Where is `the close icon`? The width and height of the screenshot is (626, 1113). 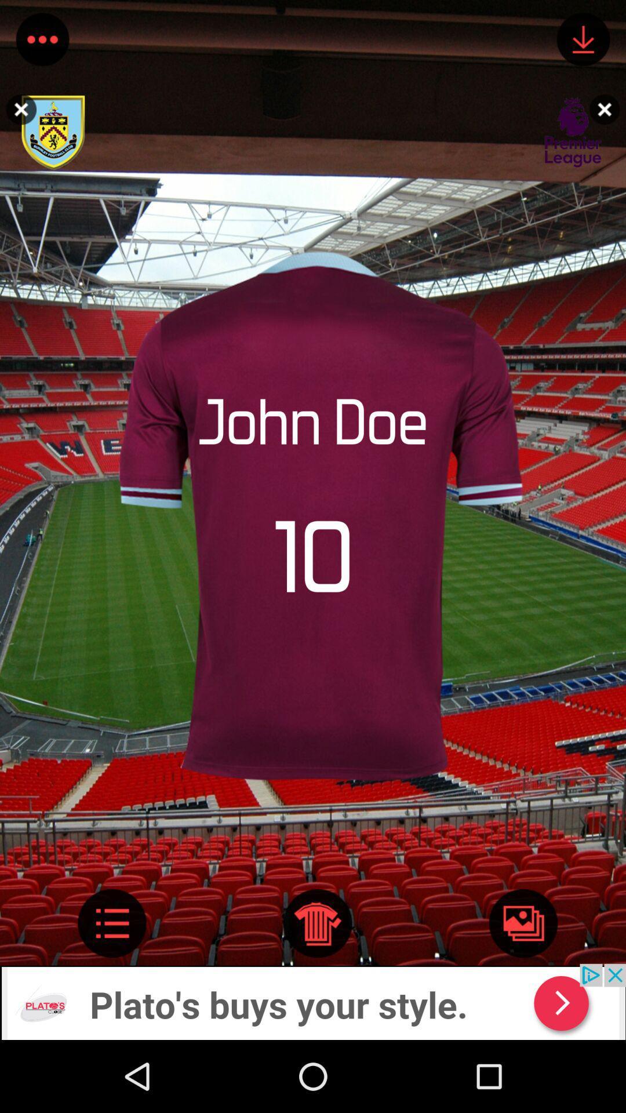
the close icon is located at coordinates (607, 109).